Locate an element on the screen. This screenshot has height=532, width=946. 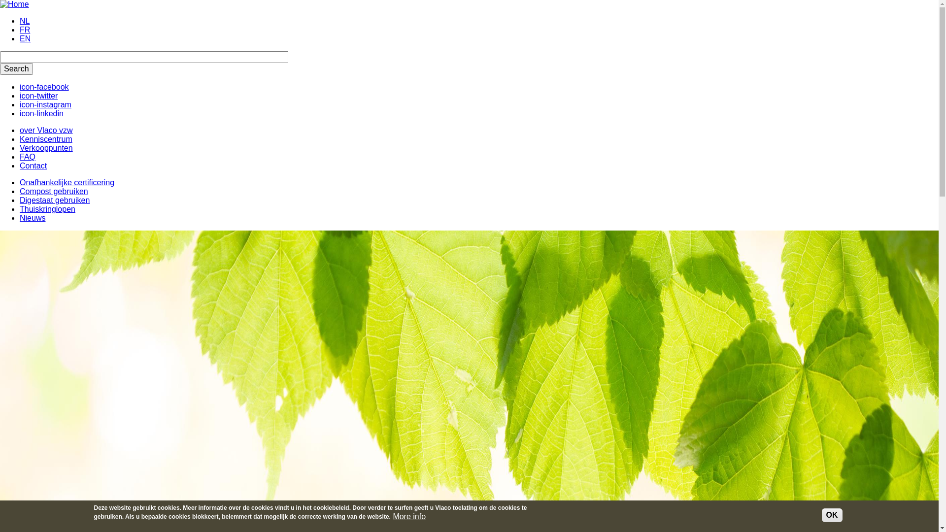
'EN' is located at coordinates (25, 38).